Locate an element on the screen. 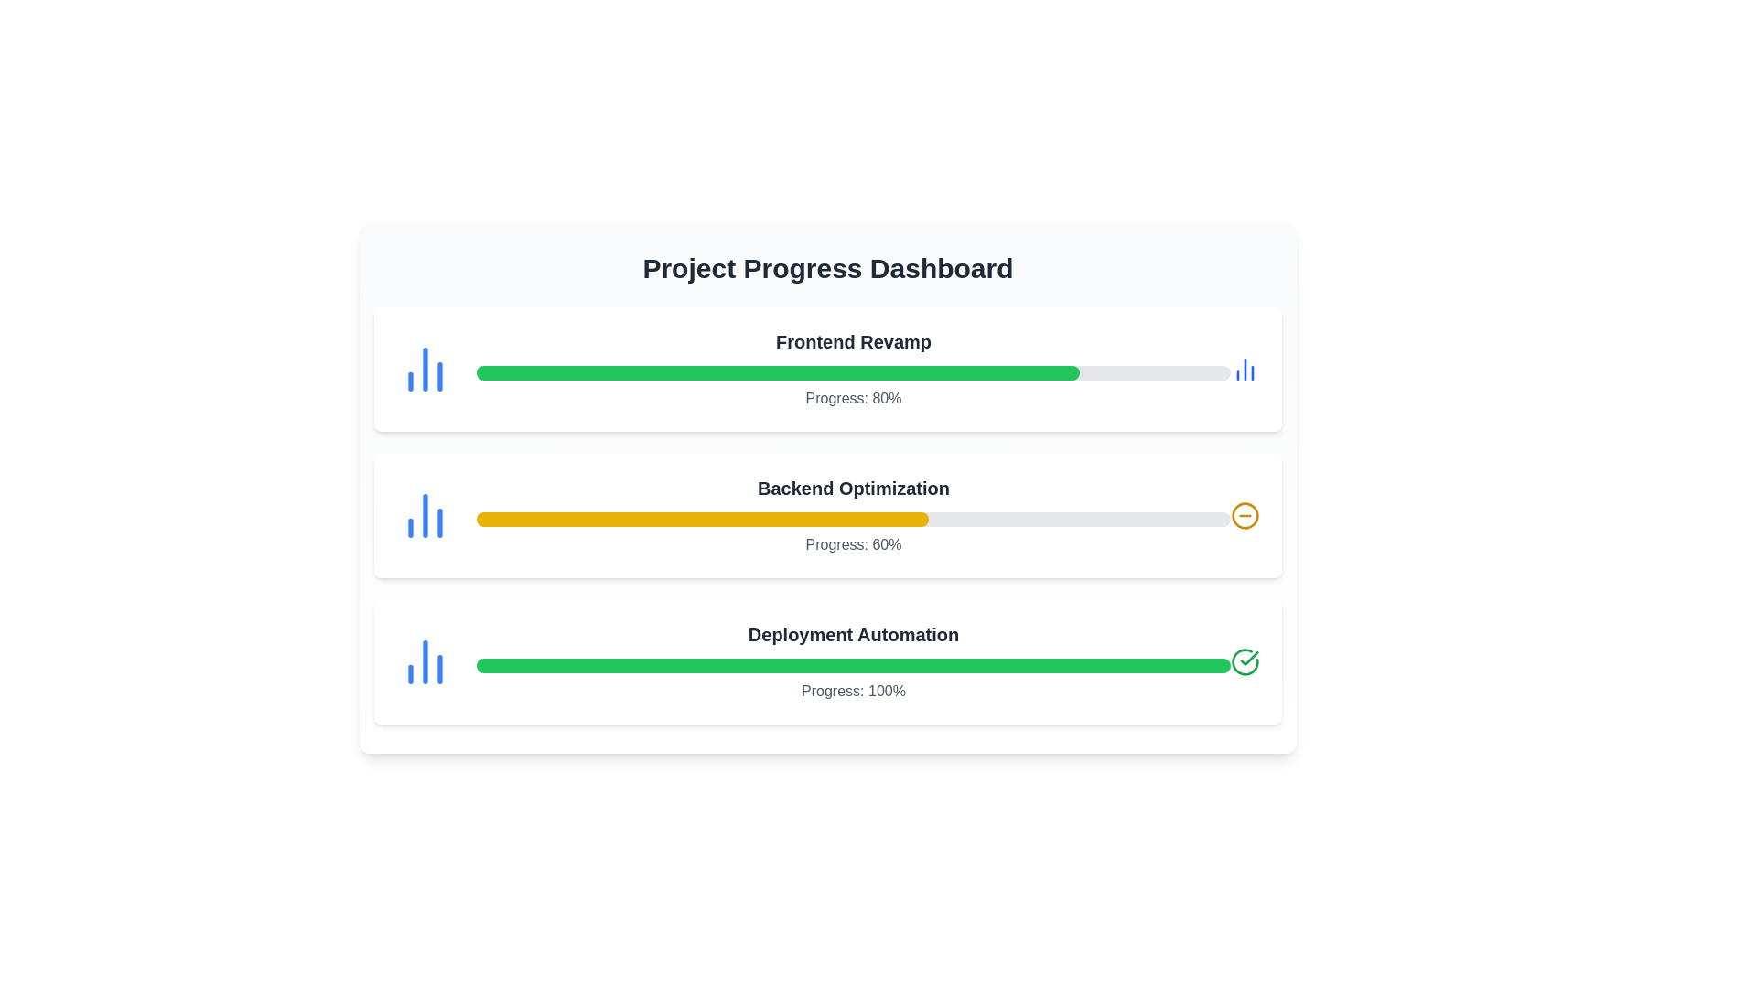 The width and height of the screenshot is (1757, 988). the yellow filled progress indicator within the grey progress bar located in the 'Backend Optimization' section of the page is located at coordinates (702, 519).